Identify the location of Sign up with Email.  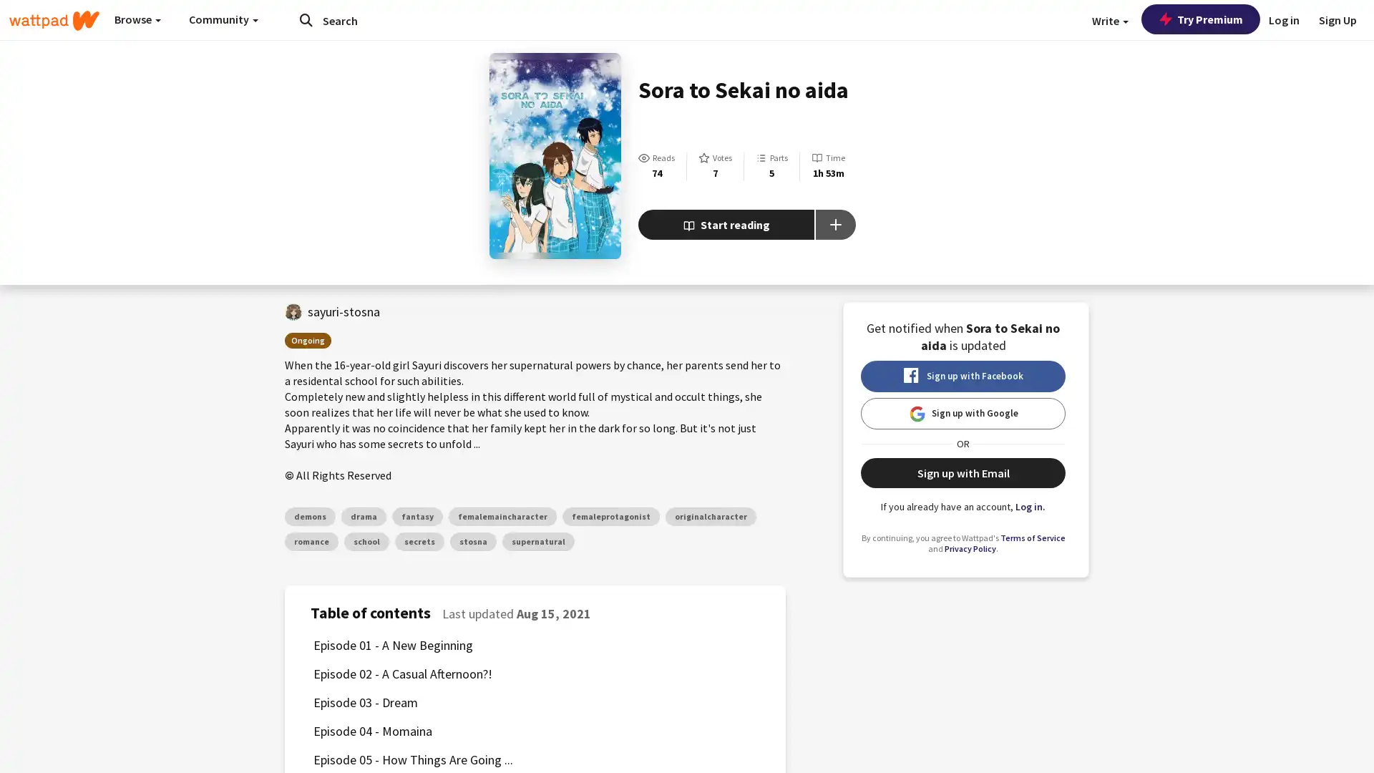
(963, 472).